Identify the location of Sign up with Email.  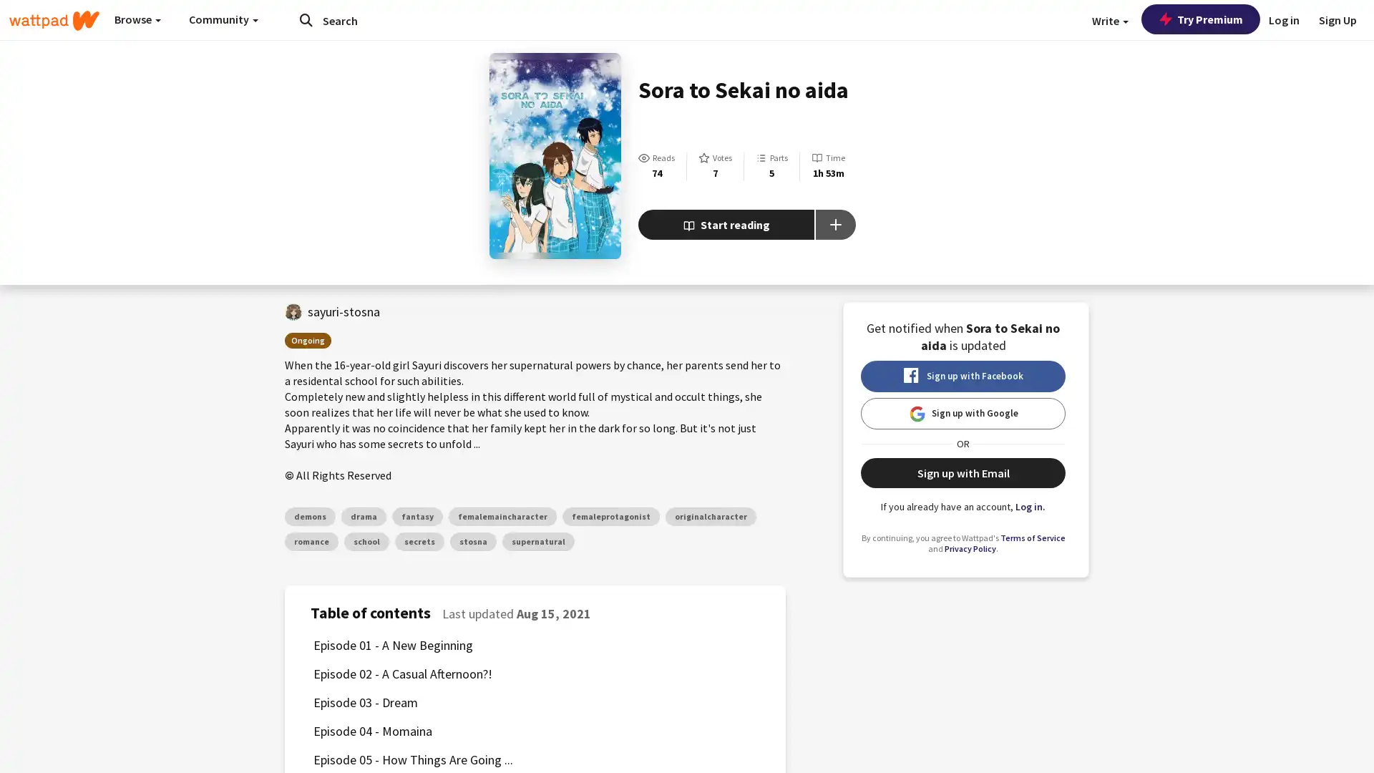
(963, 472).